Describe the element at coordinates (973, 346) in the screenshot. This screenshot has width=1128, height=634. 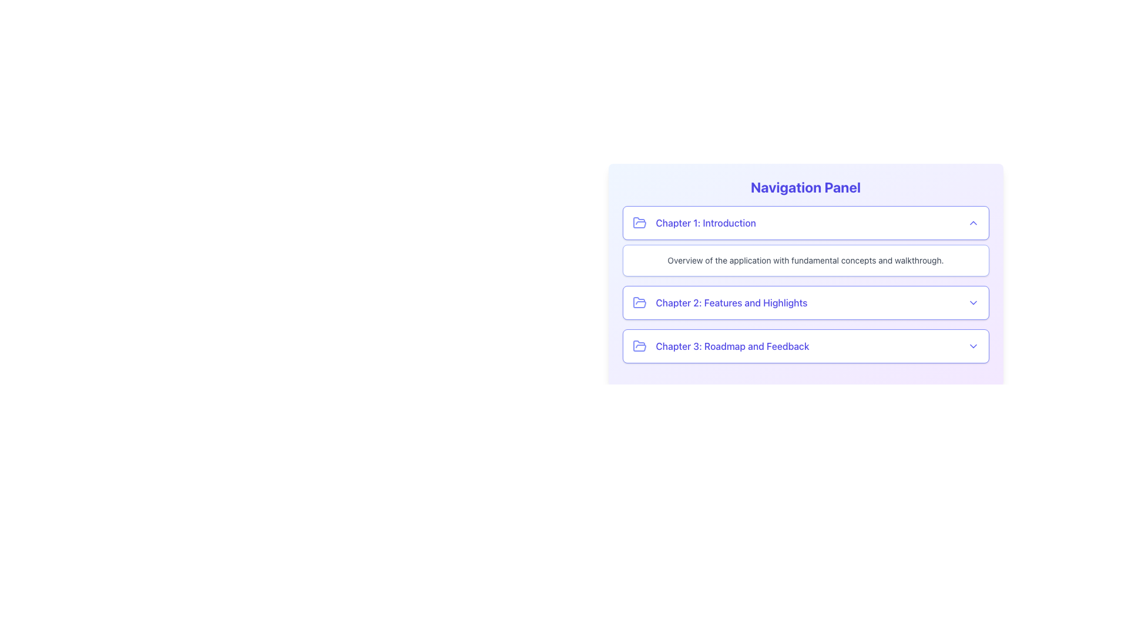
I see `the downward-facing chevron icon at the rightmost end of the 'Chapter 3: Roadmap and Feedback' row in the navigation panel` at that location.